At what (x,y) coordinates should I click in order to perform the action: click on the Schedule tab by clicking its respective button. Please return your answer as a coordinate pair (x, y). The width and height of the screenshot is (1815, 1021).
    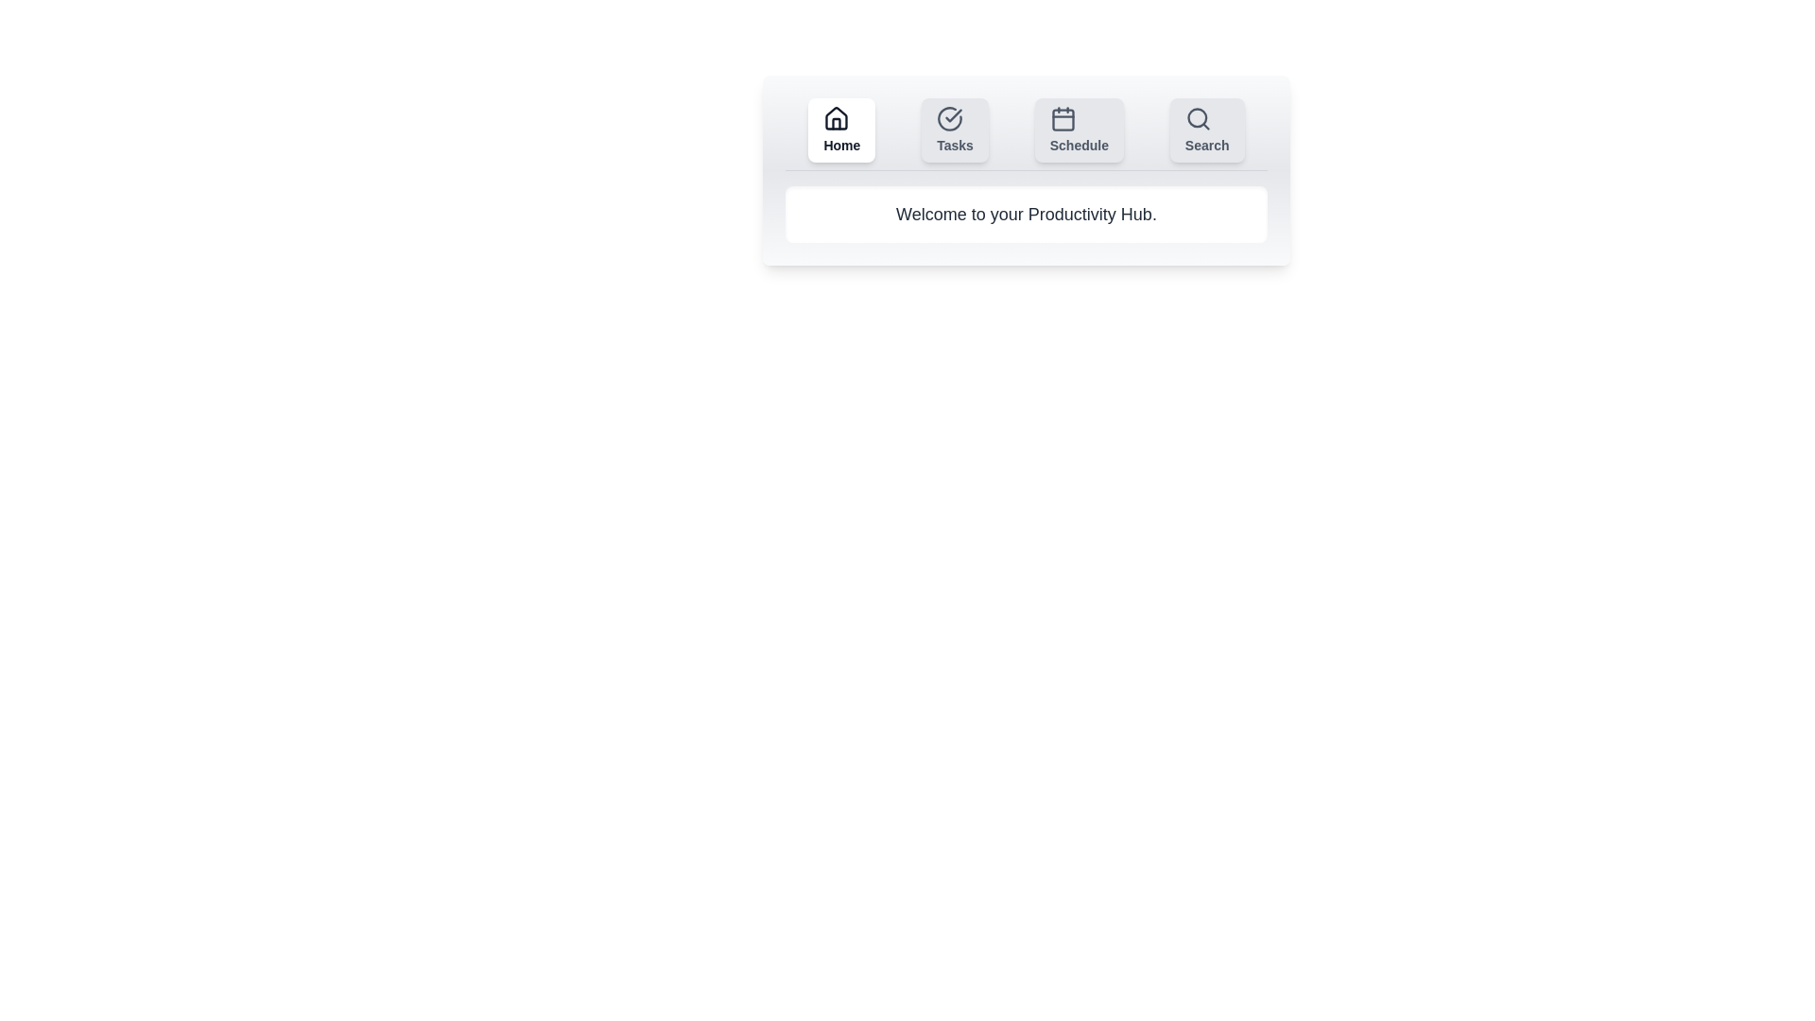
    Looking at the image, I should click on (1079, 130).